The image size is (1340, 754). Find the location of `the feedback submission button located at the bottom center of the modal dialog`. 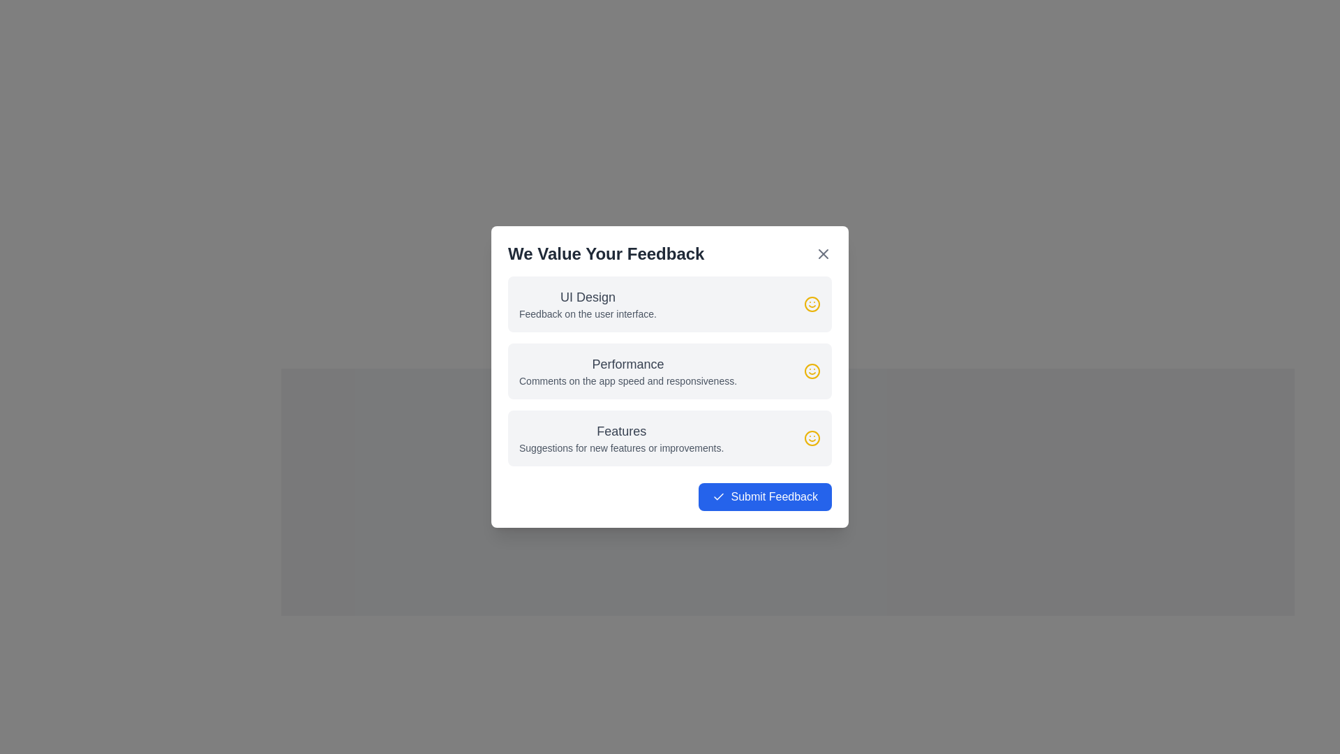

the feedback submission button located at the bottom center of the modal dialog is located at coordinates (764, 496).